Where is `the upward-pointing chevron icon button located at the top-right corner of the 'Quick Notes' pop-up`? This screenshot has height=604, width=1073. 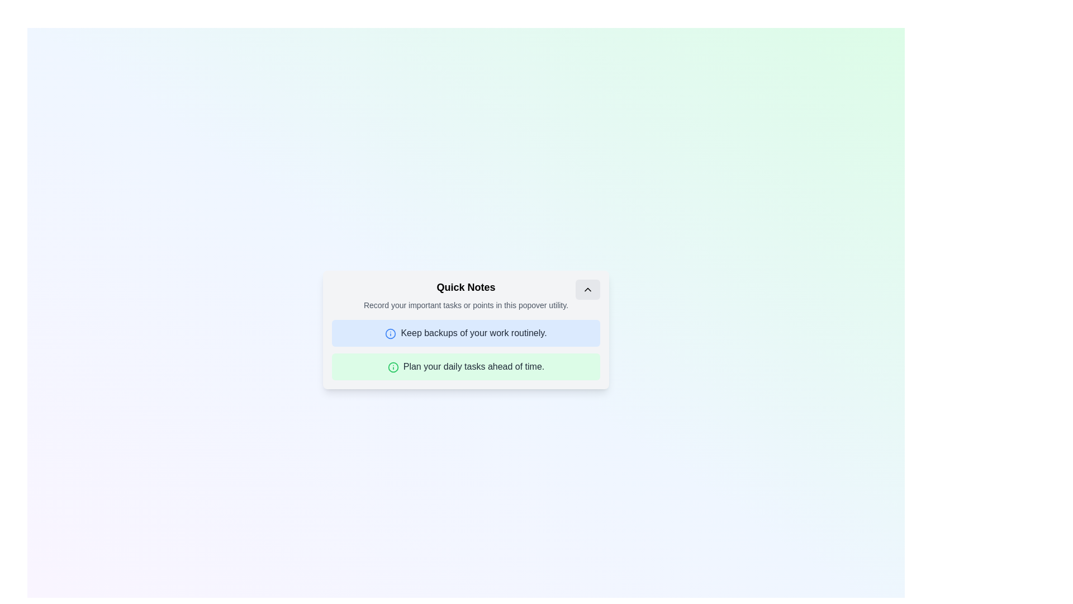 the upward-pointing chevron icon button located at the top-right corner of the 'Quick Notes' pop-up is located at coordinates (587, 289).